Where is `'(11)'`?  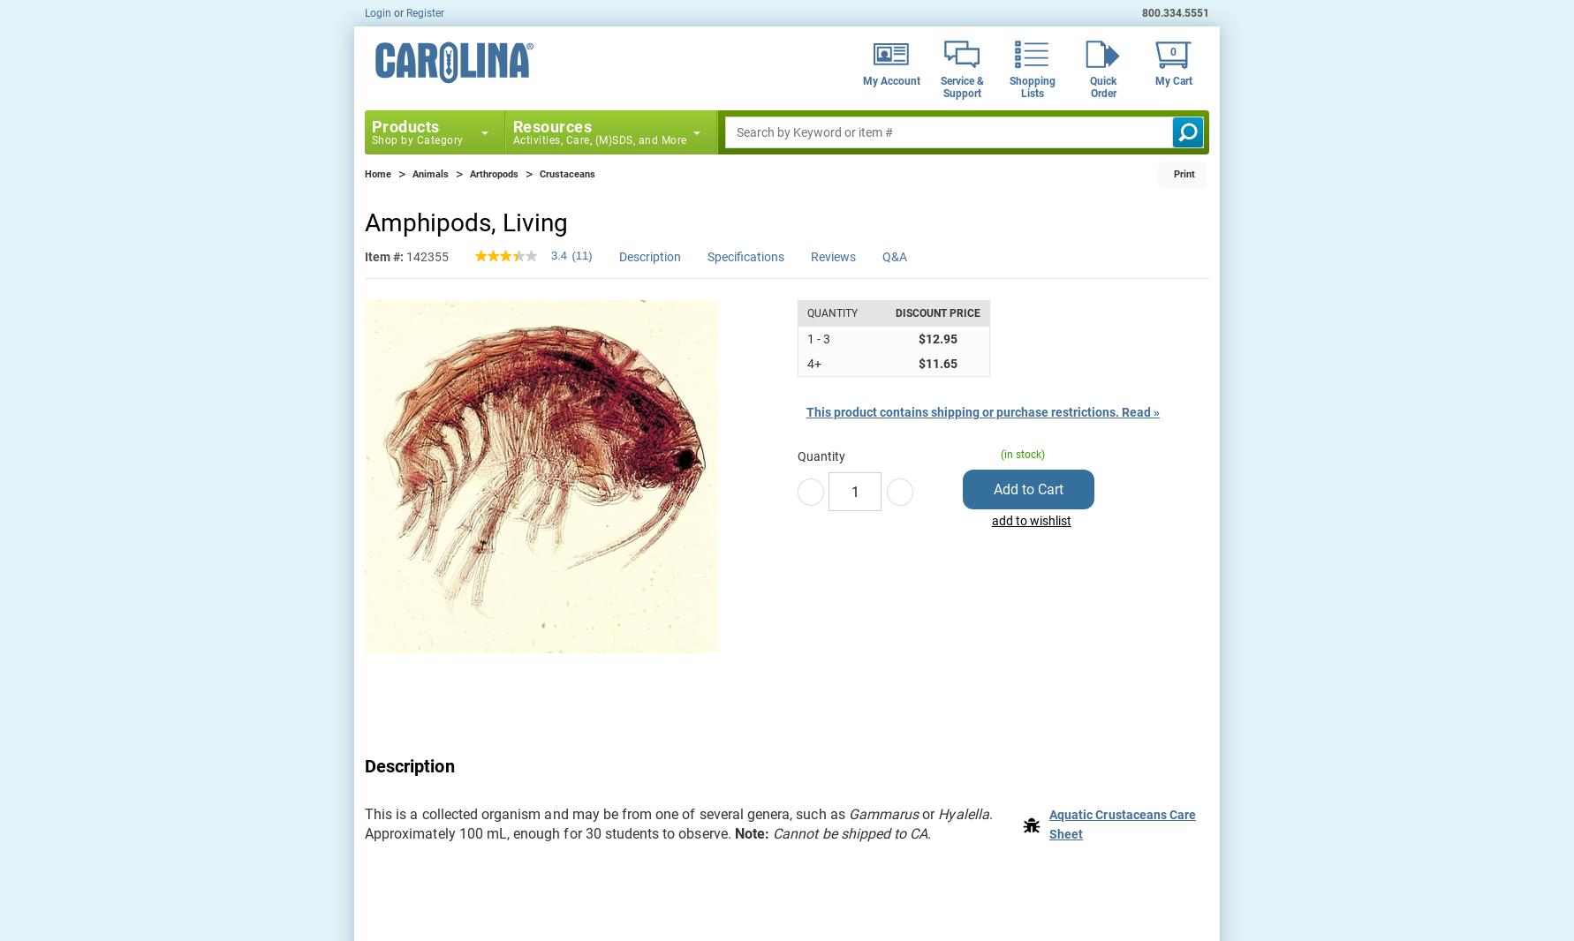
'(11)' is located at coordinates (580, 255).